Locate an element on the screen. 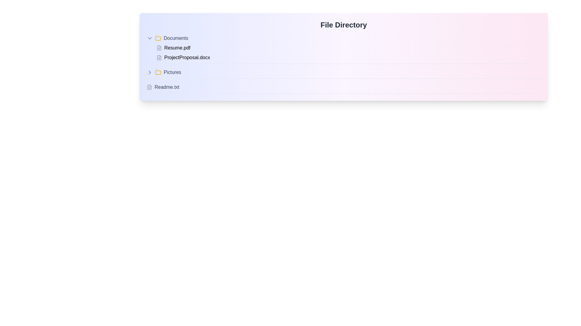 Image resolution: width=581 pixels, height=326 pixels. the chevron toggle icon to the left of the 'Documents' folder label is located at coordinates (149, 38).